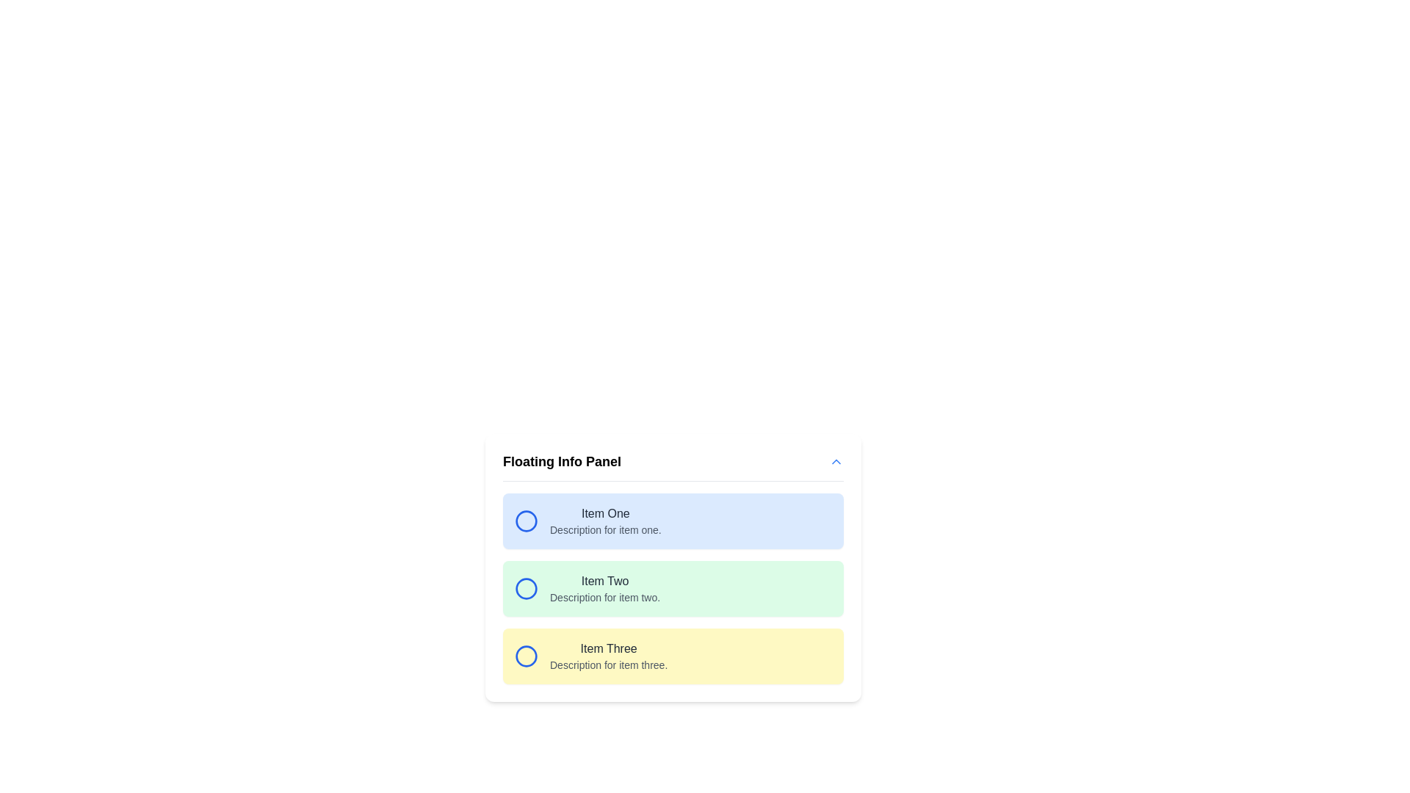  I want to click on the Chevron-Up icon button located at the top-right corner of the 'Floating Info Panel', so click(836, 460).